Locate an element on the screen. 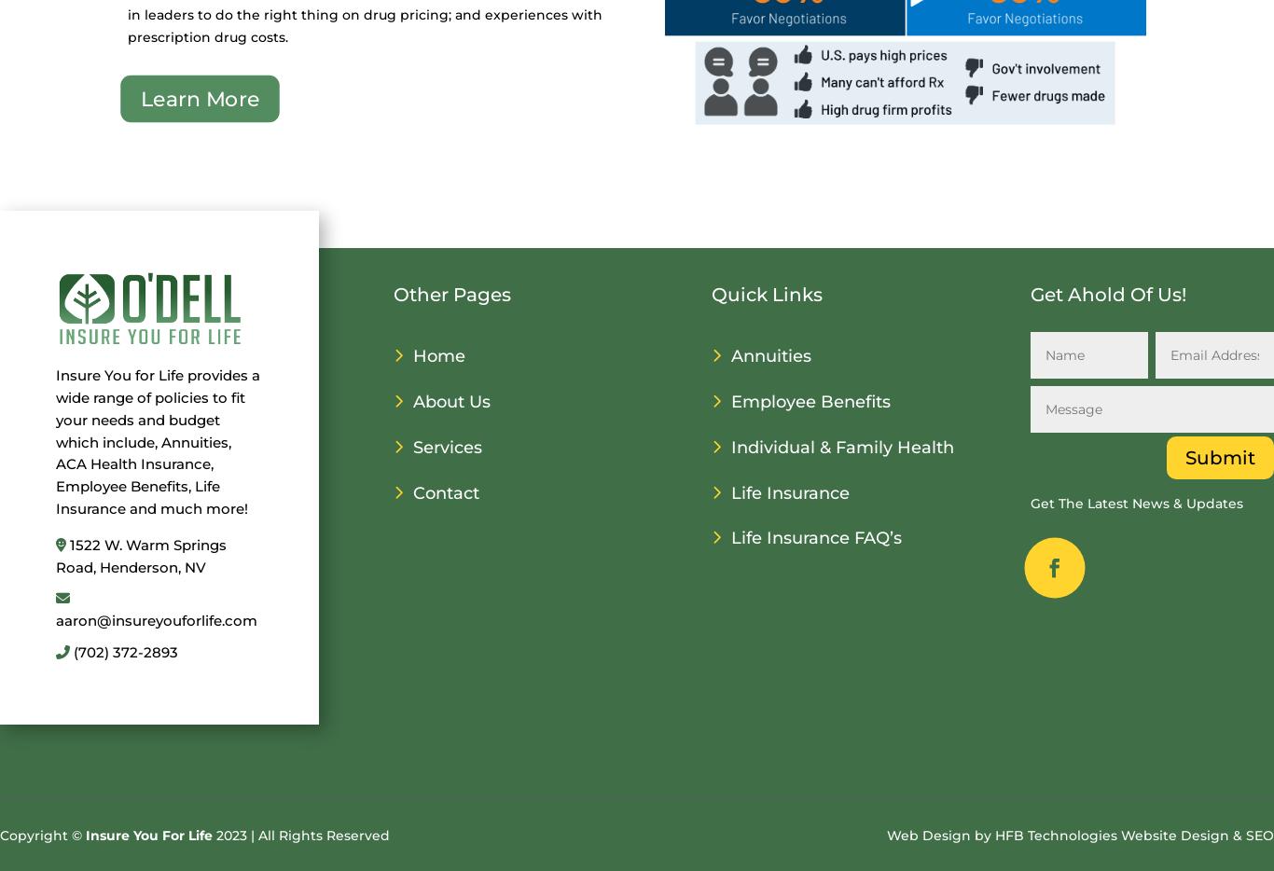 Image resolution: width=1274 pixels, height=871 pixels. 'Copyright ©' is located at coordinates (0, 835).